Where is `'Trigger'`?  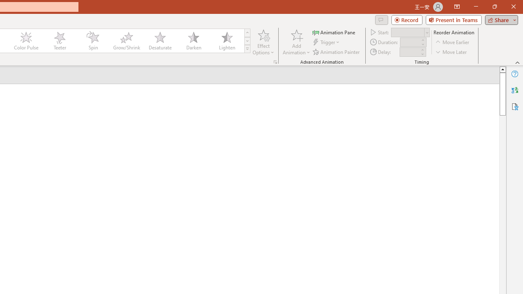 'Trigger' is located at coordinates (327, 42).